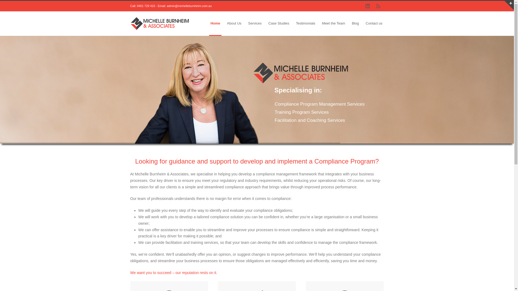 This screenshot has height=291, width=518. Describe the element at coordinates (355, 23) in the screenshot. I see `'Blog'` at that location.